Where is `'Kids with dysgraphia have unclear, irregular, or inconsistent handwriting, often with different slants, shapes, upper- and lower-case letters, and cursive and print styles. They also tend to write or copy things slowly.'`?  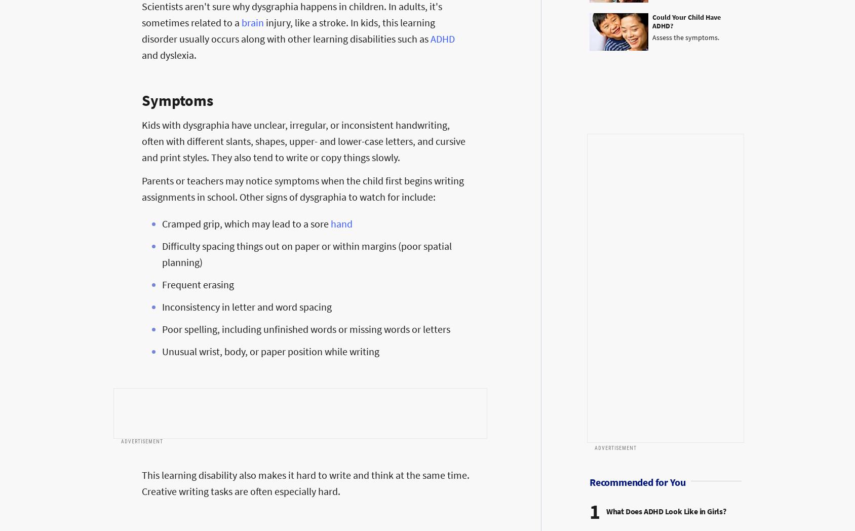 'Kids with dysgraphia have unclear, irregular, or inconsistent handwriting, often with different slants, shapes, upper- and lower-case letters, and cursive and print styles. They also tend to write or copy things slowly.' is located at coordinates (303, 140).